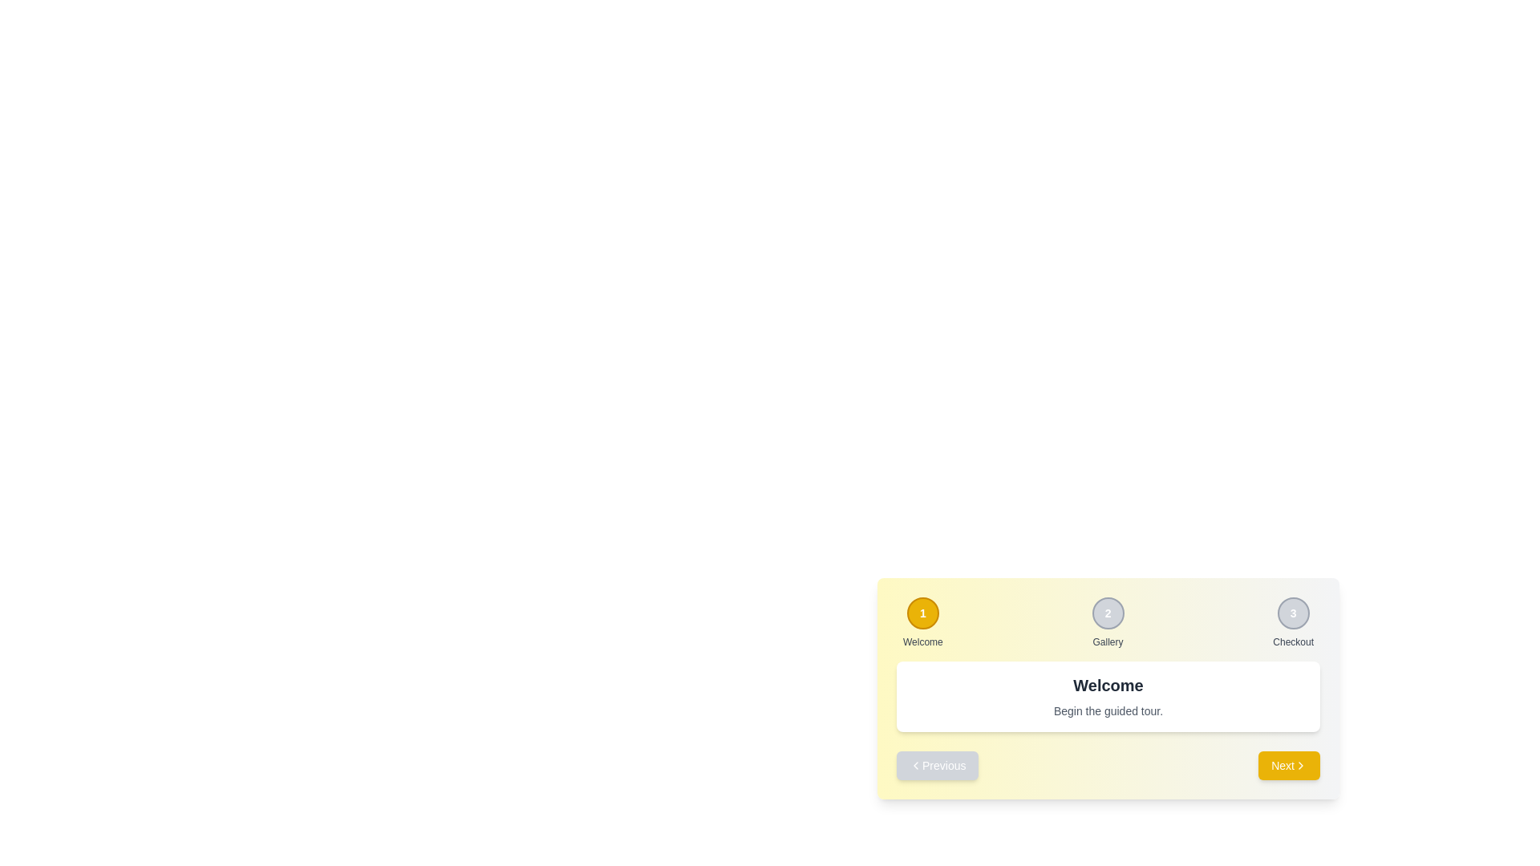  Describe the element at coordinates (916, 765) in the screenshot. I see `decorative icon indicating the 'Previous' action, located on the left side of the 'Previous' button at the bottom left of the interactive panel` at that location.